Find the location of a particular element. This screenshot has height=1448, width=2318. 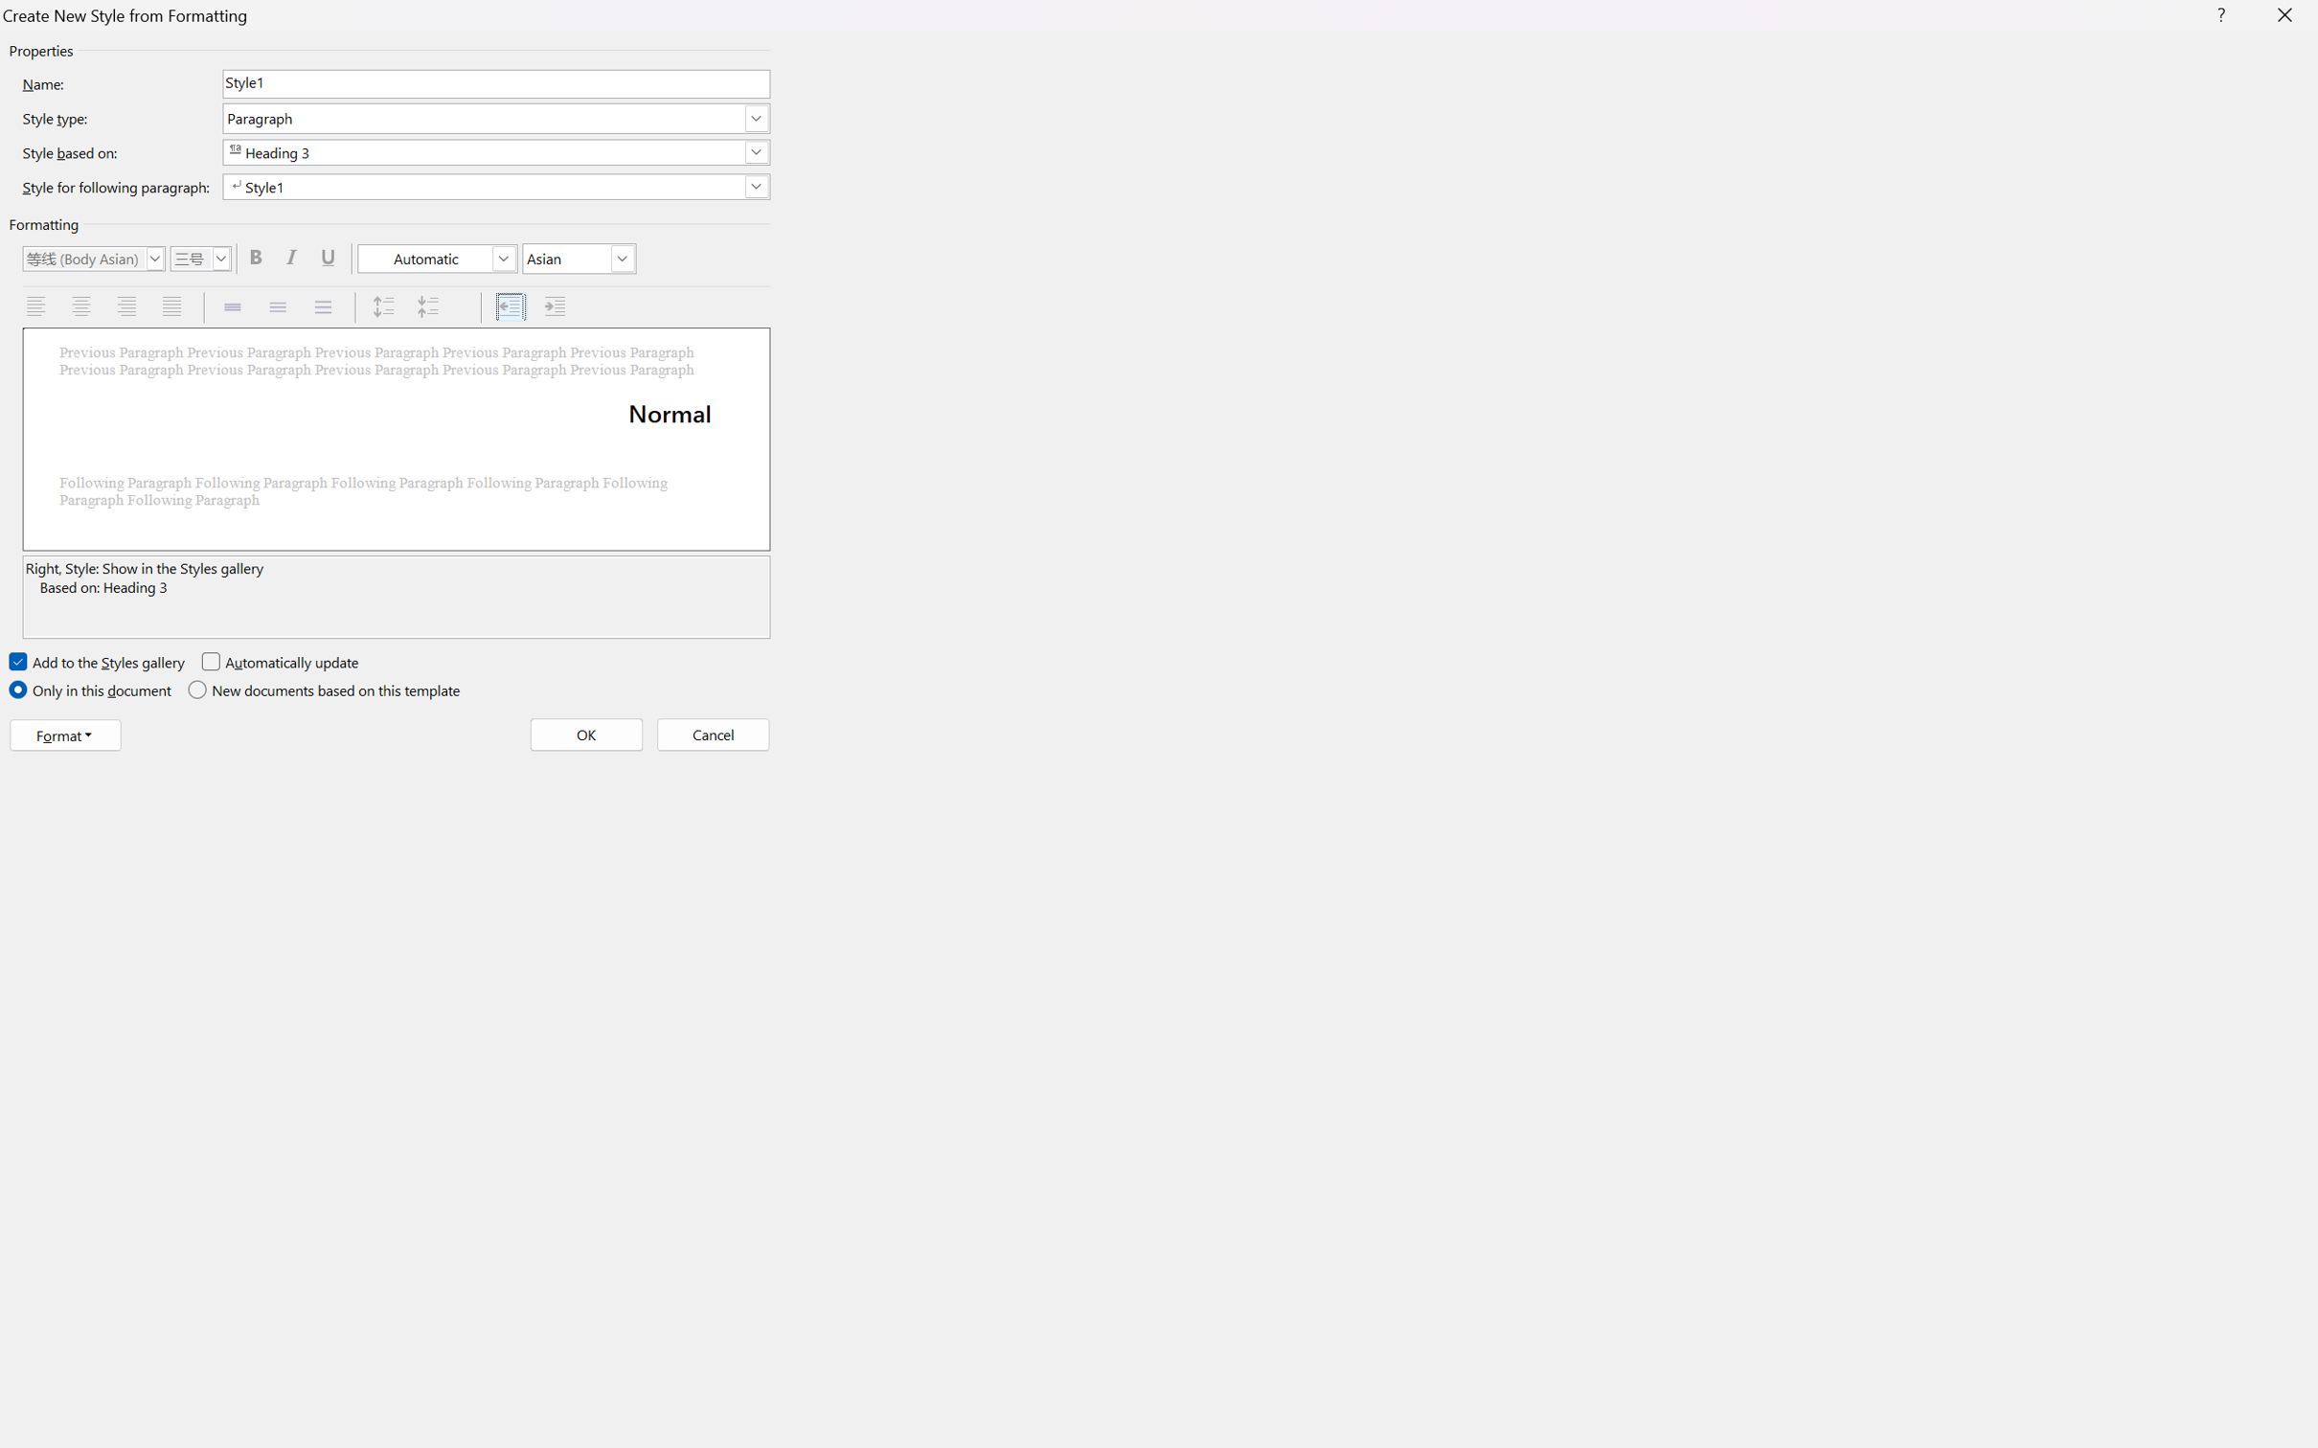

'Align Right' is located at coordinates (127, 306).